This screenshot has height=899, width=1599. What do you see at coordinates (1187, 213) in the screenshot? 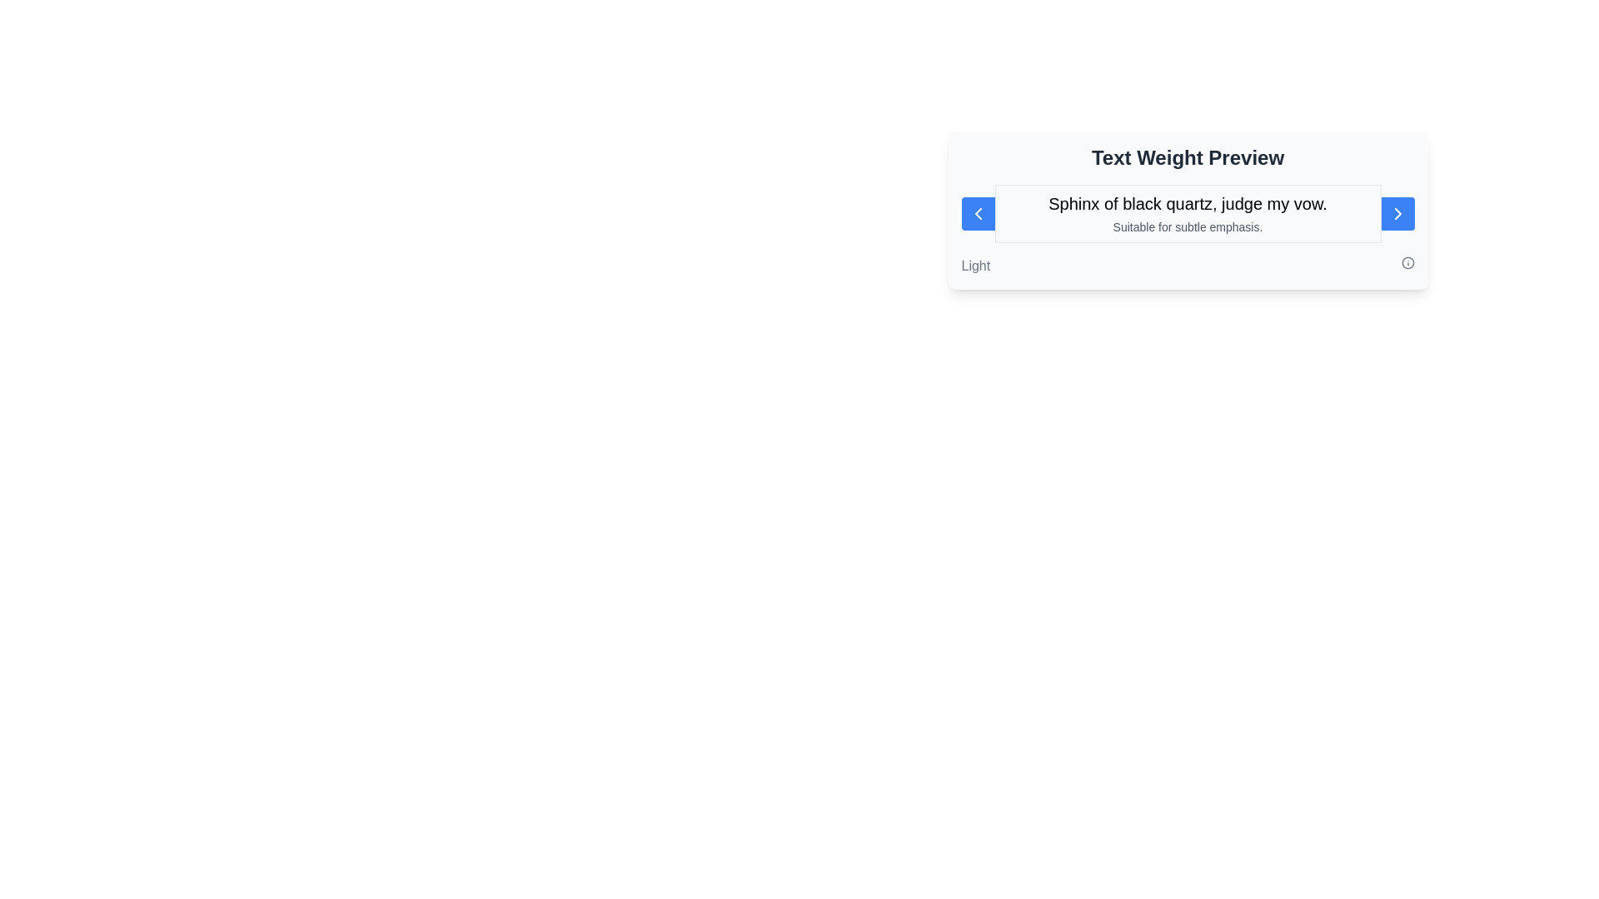
I see `the informational text block element displaying the primary text 'Sphinx of black quartz, judge my vow' and the accompanying text 'Suitable for subtle emphasis', which is centrally located under the header 'Text Weight Preview'` at bounding box center [1187, 213].